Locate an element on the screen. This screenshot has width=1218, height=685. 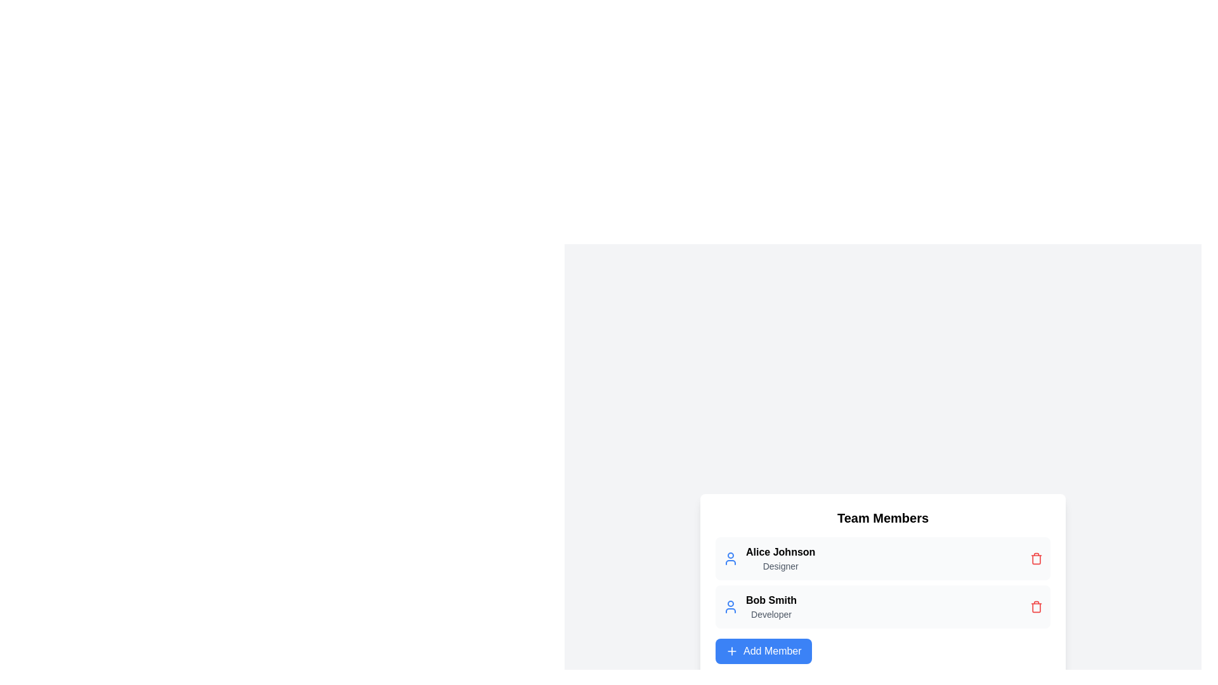
the User Icon representing the profile of 'Alice Johnson', positioned at the leftmost side of the first entry in the 'Team Members' list is located at coordinates (731, 558).